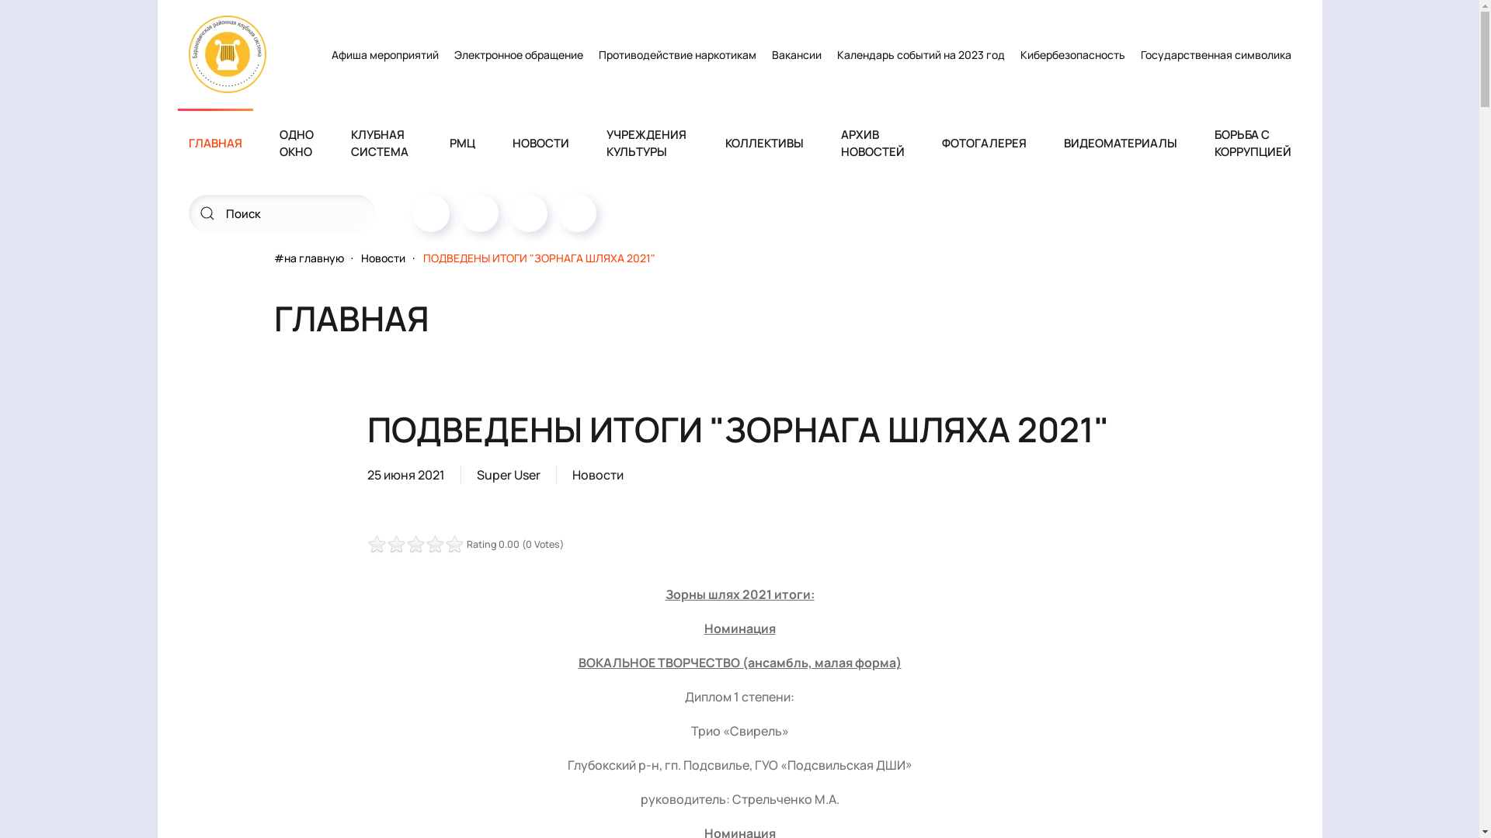 The image size is (1491, 838). I want to click on '1', so click(370, 543).